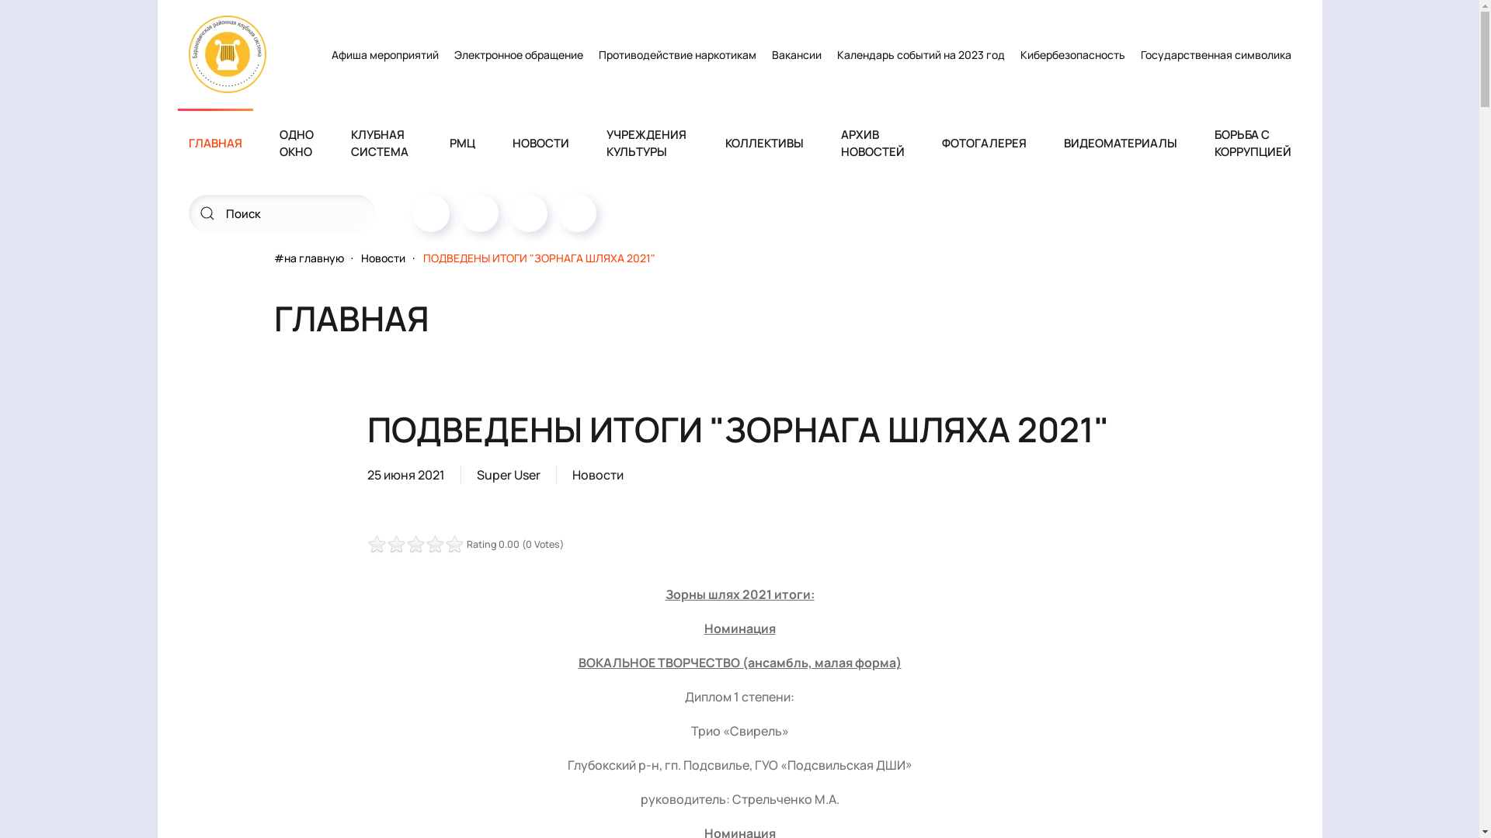 The image size is (1491, 838). I want to click on '1', so click(370, 543).